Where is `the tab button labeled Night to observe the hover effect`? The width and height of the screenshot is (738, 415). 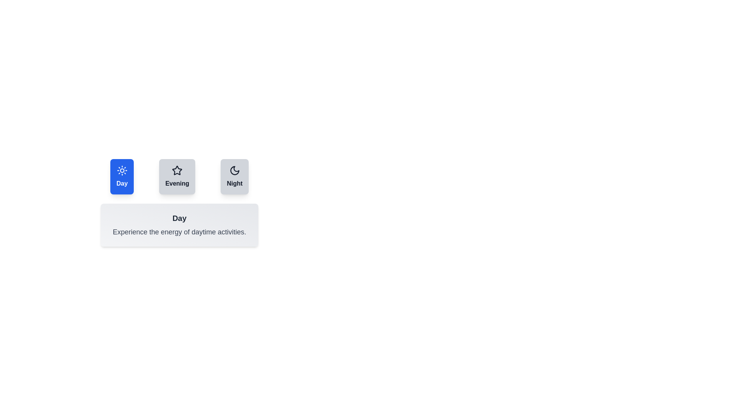 the tab button labeled Night to observe the hover effect is located at coordinates (234, 176).